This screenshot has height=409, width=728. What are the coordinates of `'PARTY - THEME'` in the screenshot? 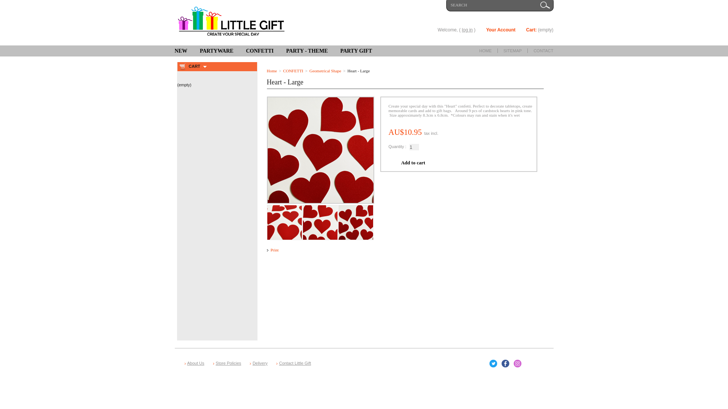 It's located at (307, 51).